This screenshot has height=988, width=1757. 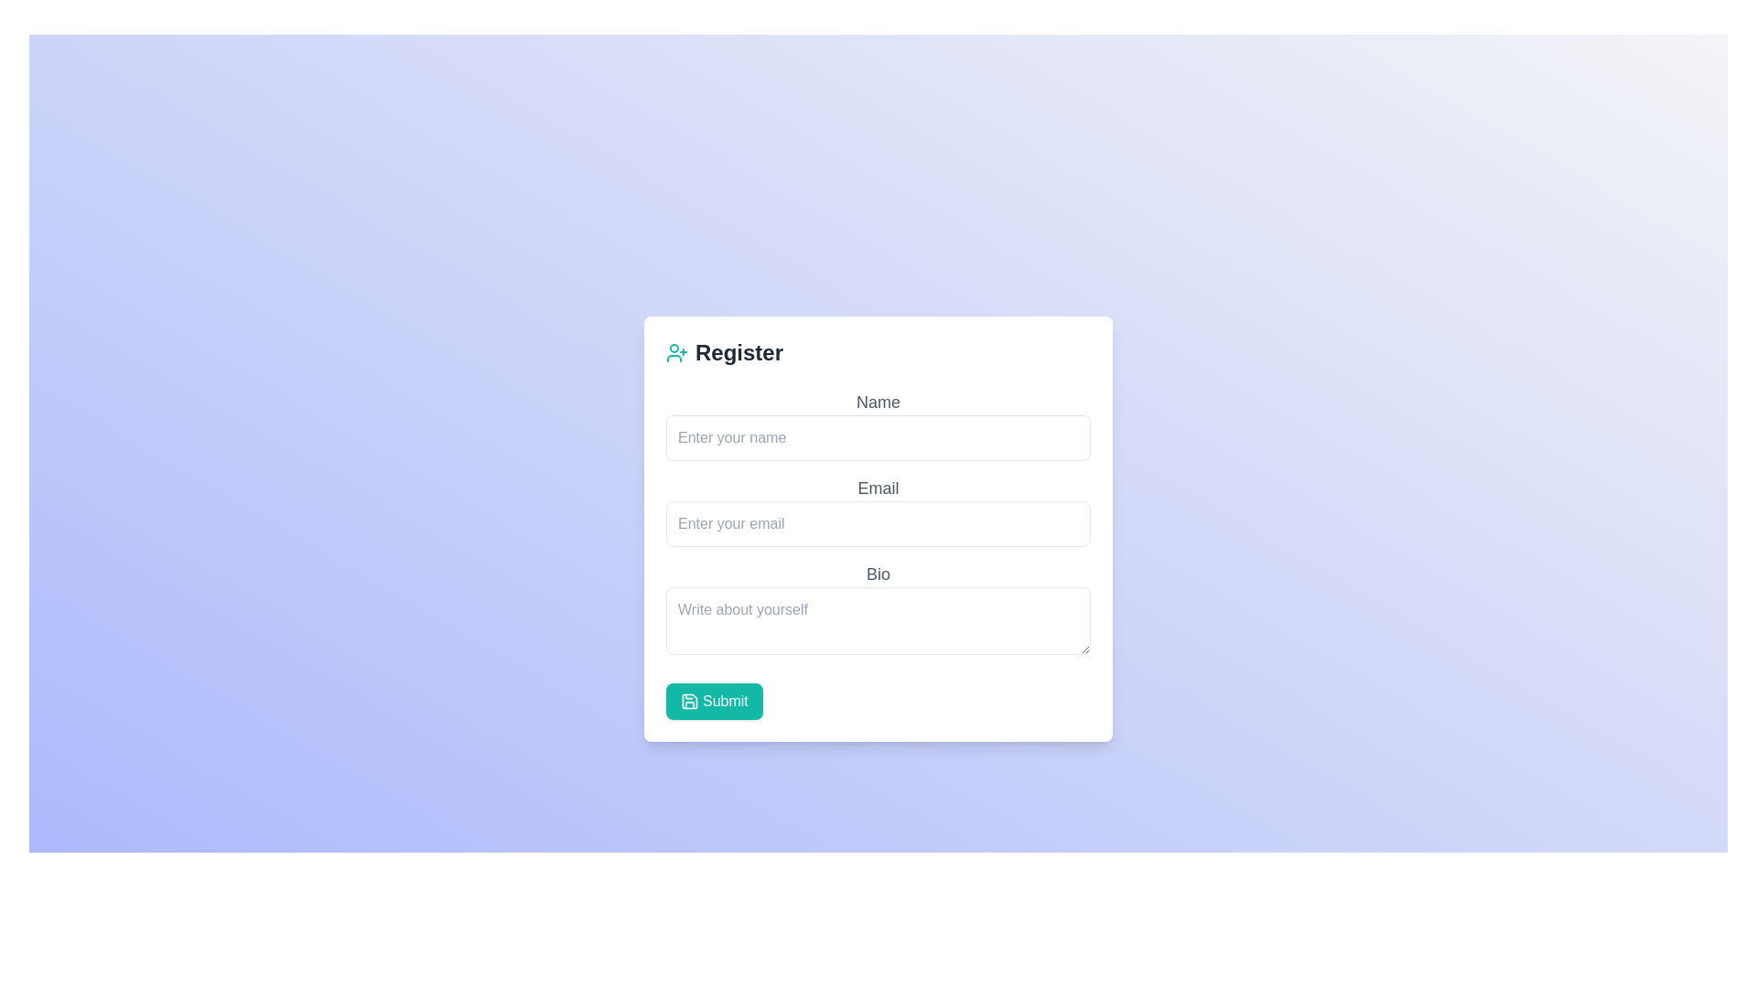 I want to click on the 'Bio' text label, which is styled in bold with a larger gray font, positioned above the bio input area in the mid-bottom of the register form, so click(x=878, y=573).